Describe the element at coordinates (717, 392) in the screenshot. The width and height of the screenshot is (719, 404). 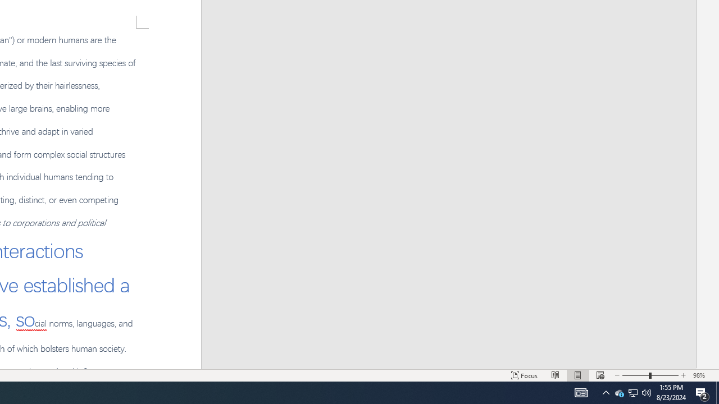
I see `'Show desktop'` at that location.